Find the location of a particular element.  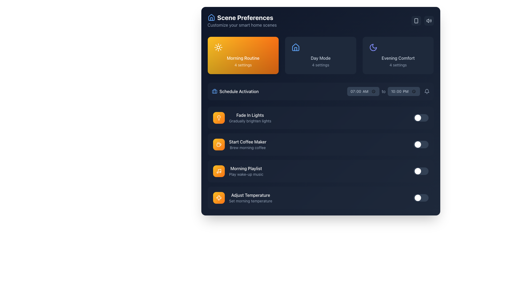

the text label that reads 'Gradually brighten lights,' which is styled in light slate-gray and positioned below the 'Fade In Lights' title is located at coordinates (250, 121).